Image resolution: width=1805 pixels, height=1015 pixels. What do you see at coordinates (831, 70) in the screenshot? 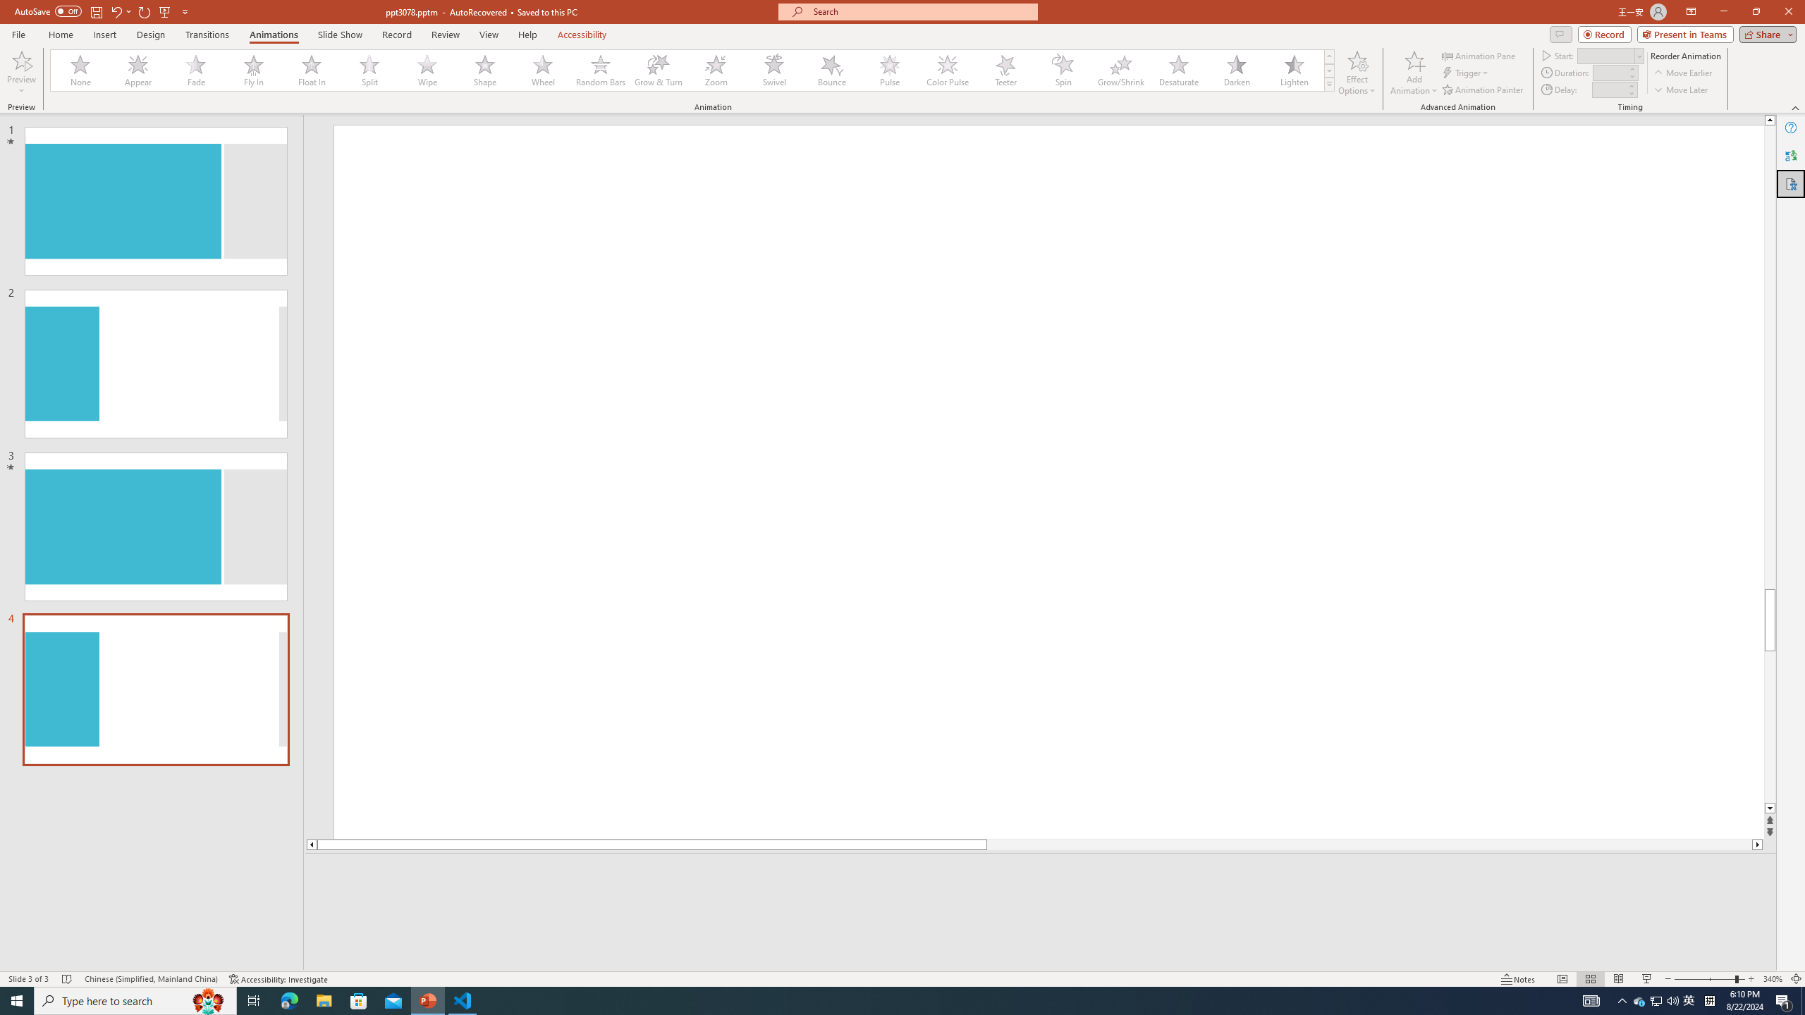
I see `'Bounce'` at bounding box center [831, 70].